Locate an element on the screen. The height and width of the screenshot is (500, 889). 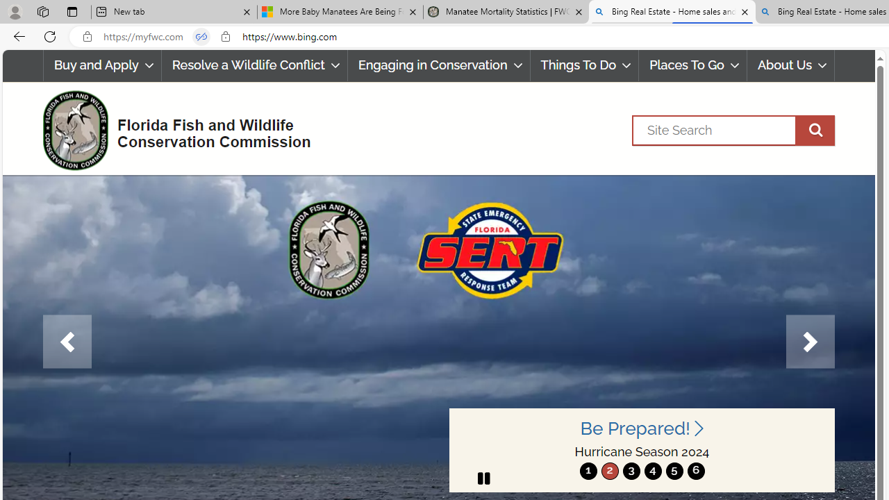
'Resolve a Wildlife Conflict' is located at coordinates (254, 65).